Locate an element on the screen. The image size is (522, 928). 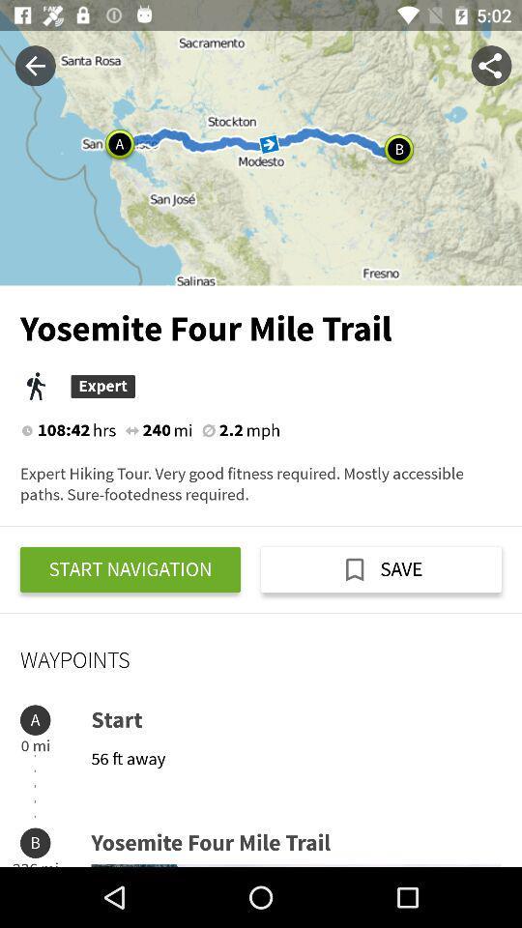
the icon to the left of 240mi is located at coordinates (130, 430).